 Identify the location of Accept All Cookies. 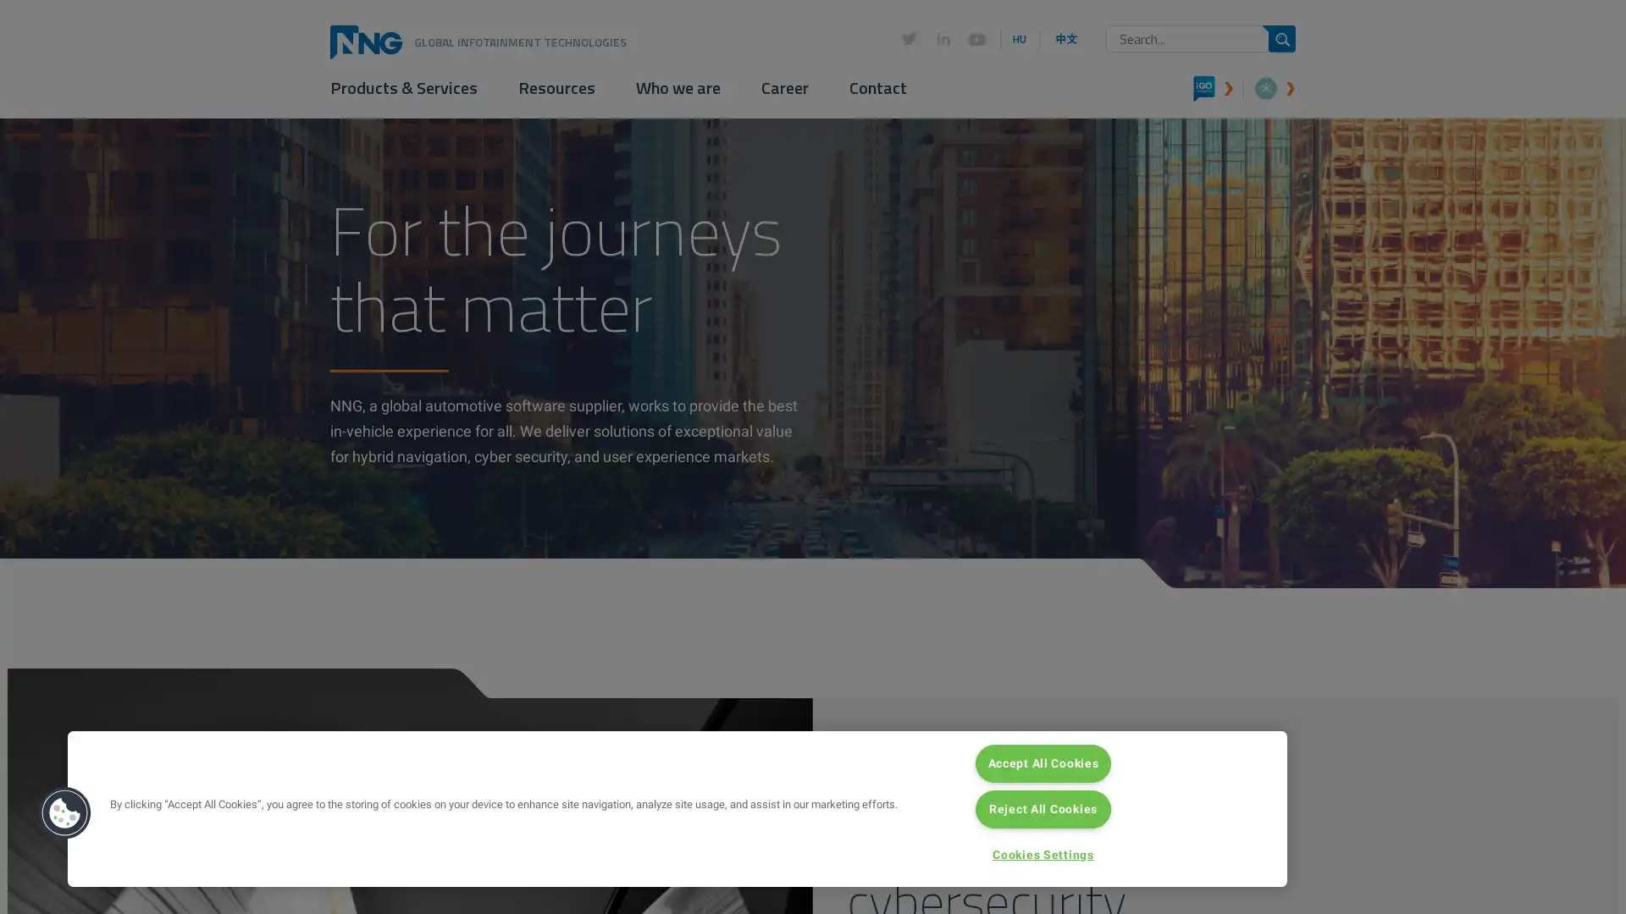
(1043, 763).